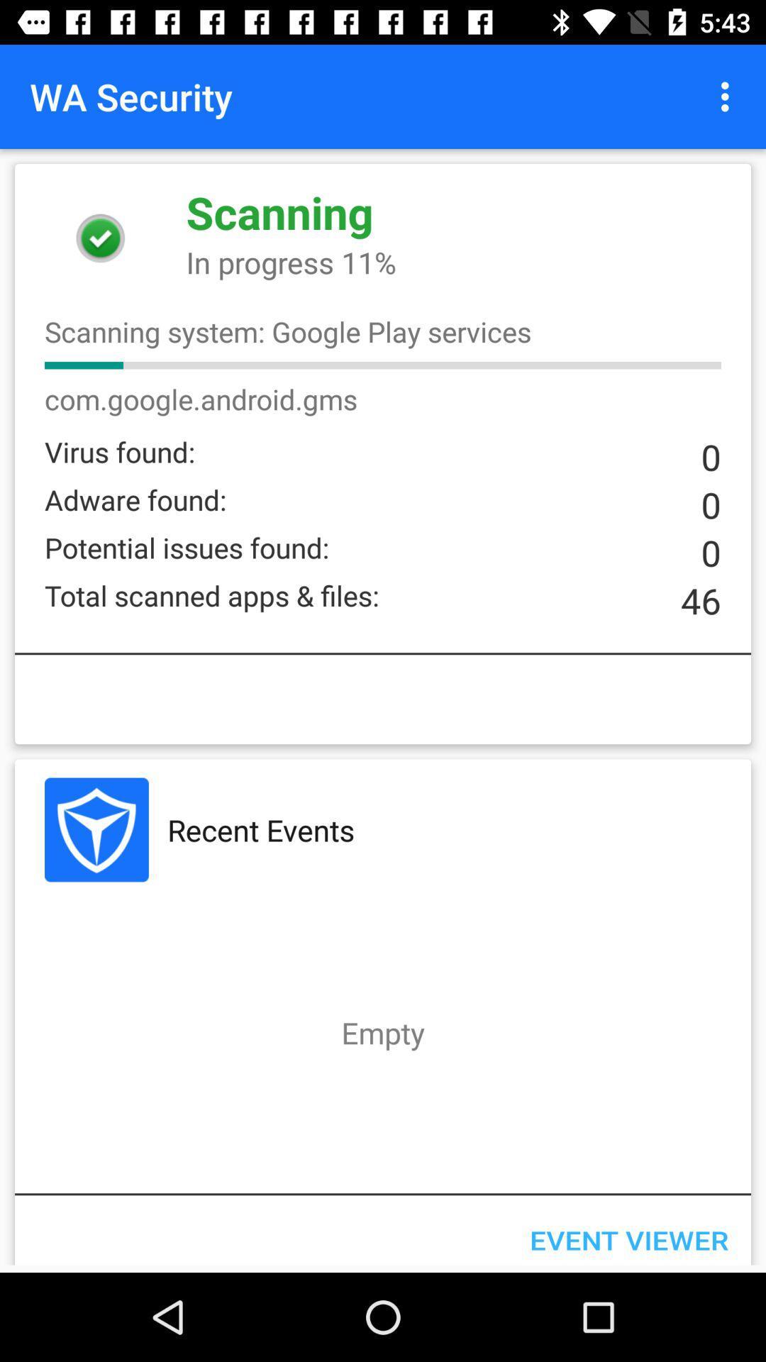 The height and width of the screenshot is (1362, 766). Describe the element at coordinates (728, 96) in the screenshot. I see `icon next to the wa security` at that location.